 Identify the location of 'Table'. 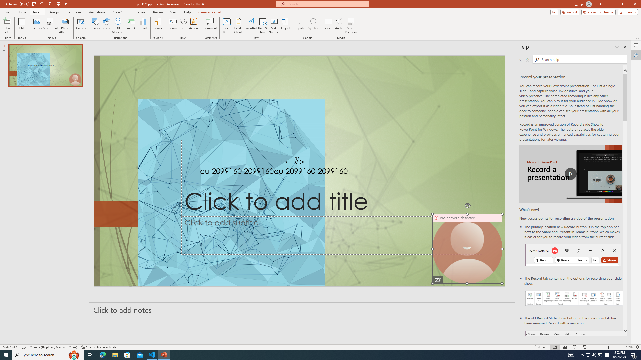
(22, 26).